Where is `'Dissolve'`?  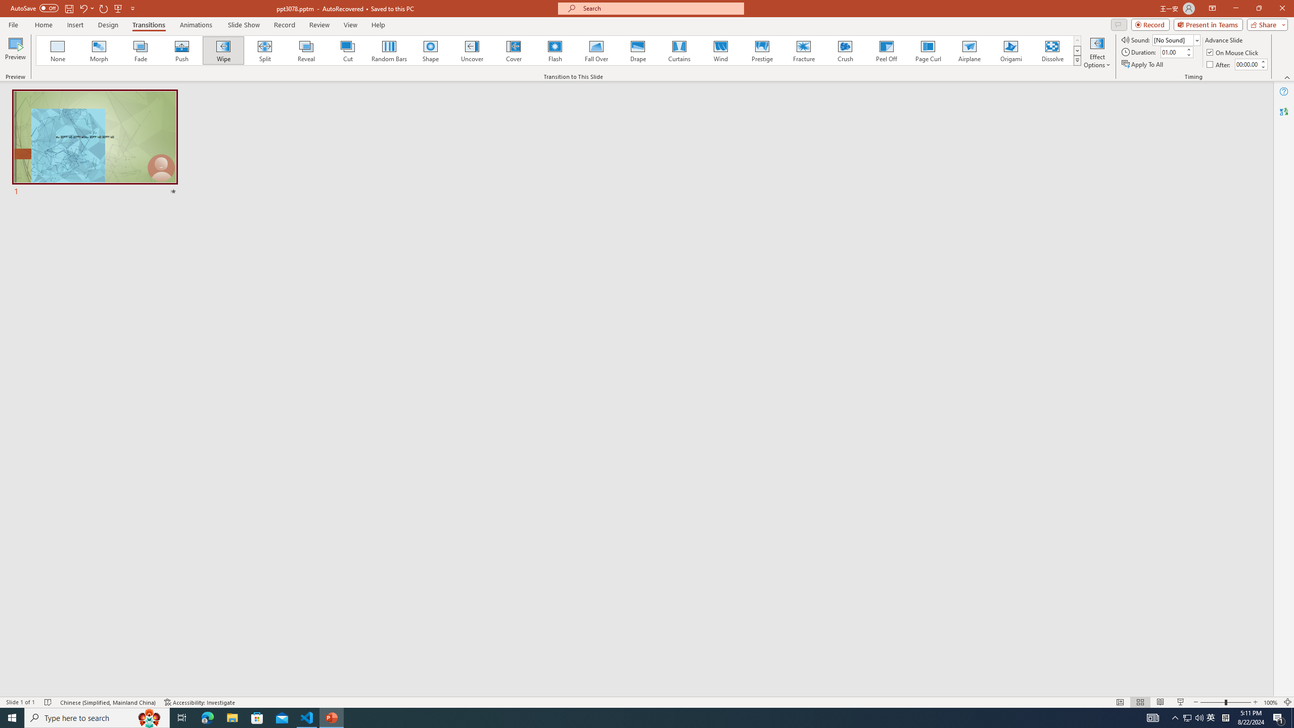
'Dissolve' is located at coordinates (1051, 50).